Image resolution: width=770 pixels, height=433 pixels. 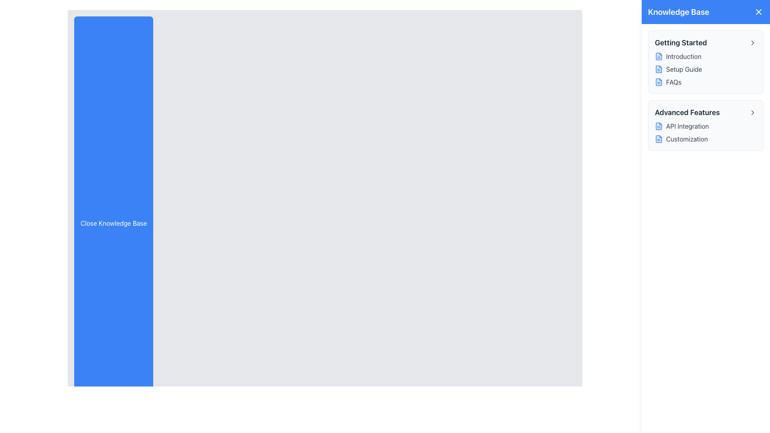 I want to click on the SVG Icon forming a cross ('x') shape located in the top-right corner of the panel labeled 'Knowledge Base', so click(x=758, y=12).